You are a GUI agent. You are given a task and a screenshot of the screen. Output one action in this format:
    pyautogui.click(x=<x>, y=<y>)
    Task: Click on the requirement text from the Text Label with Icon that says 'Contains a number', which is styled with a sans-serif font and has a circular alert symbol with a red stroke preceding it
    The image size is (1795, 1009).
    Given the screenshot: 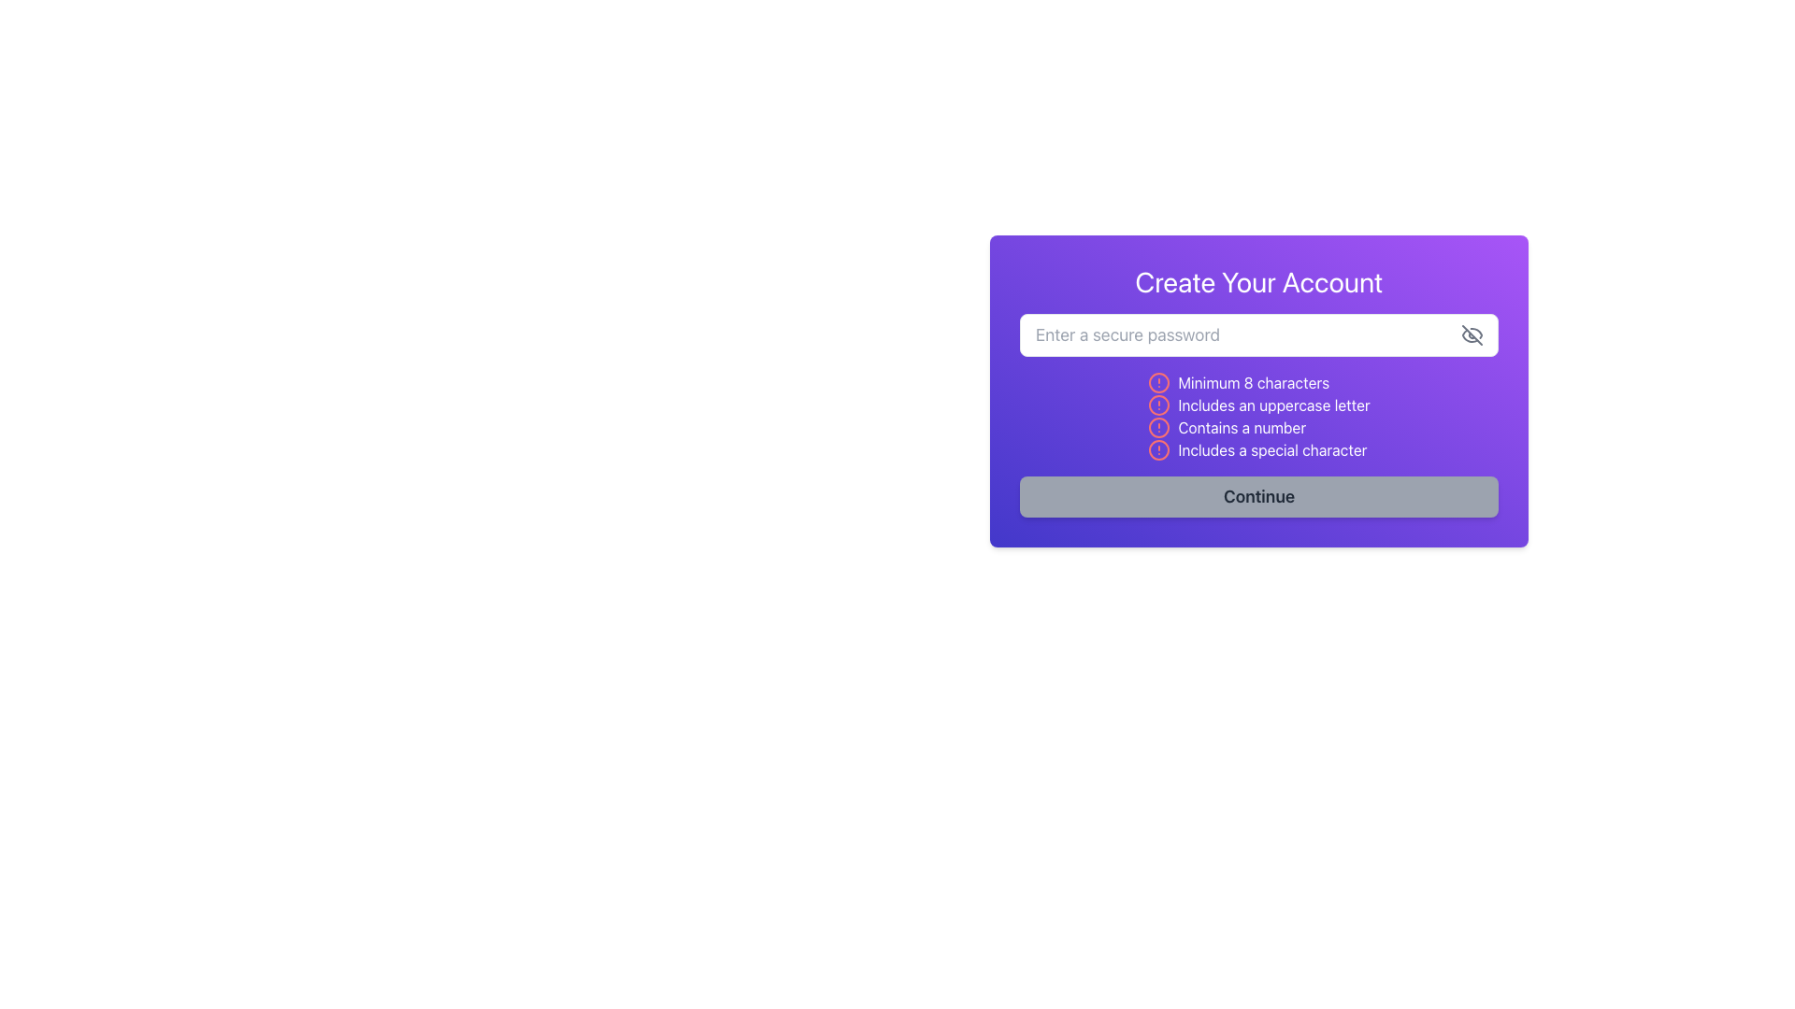 What is the action you would take?
    pyautogui.click(x=1259, y=428)
    